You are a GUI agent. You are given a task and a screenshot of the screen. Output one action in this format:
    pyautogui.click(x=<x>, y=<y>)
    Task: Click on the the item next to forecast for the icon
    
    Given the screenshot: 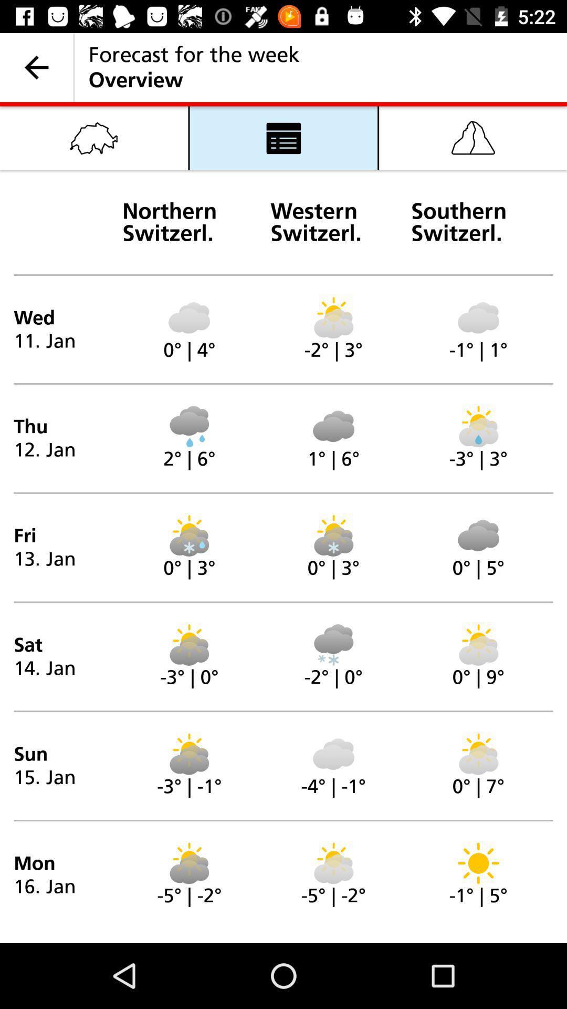 What is the action you would take?
    pyautogui.click(x=36, y=67)
    